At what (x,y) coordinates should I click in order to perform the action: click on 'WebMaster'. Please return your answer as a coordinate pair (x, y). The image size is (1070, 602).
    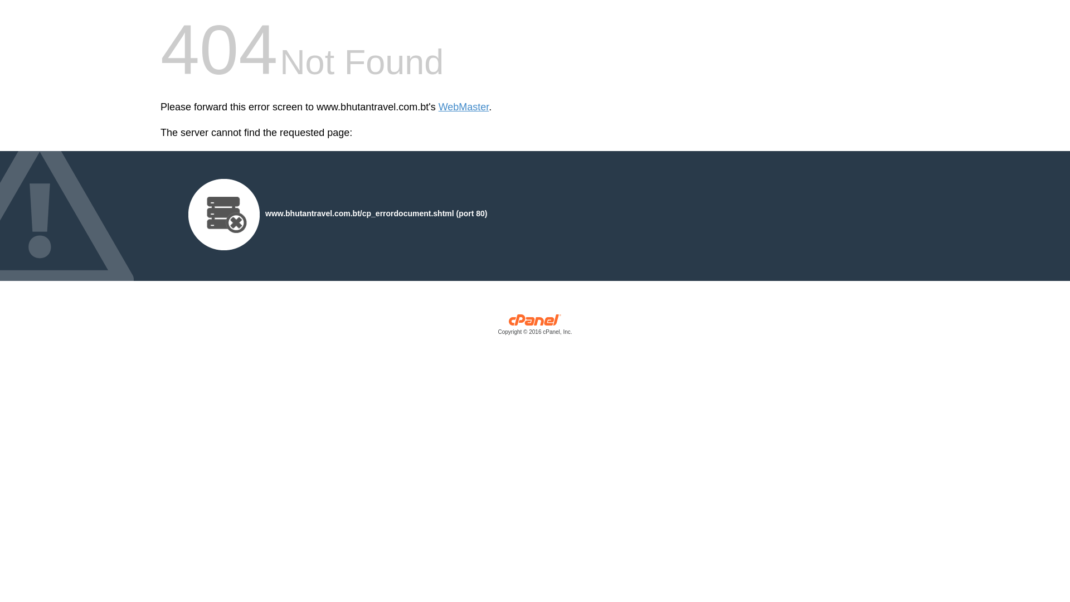
    Looking at the image, I should click on (464, 107).